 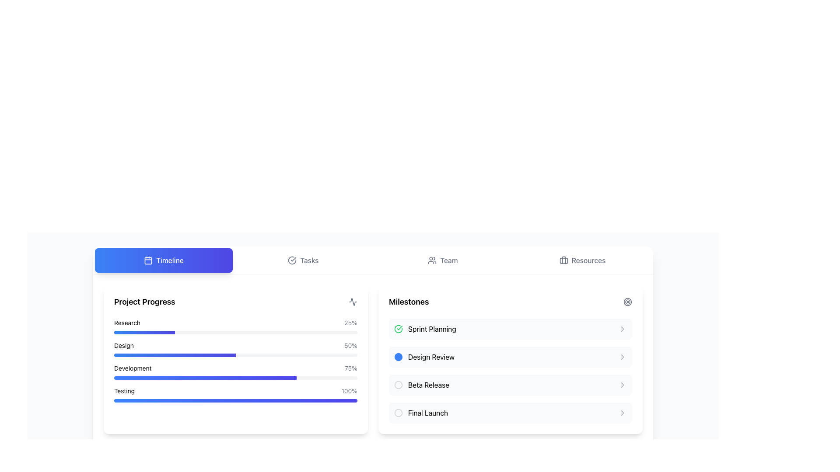 What do you see at coordinates (175, 355) in the screenshot?
I see `the progress indicator bar representing the 'Design' task, which shows 50% completion, located in the middle section of the 'Project Progress' card` at bounding box center [175, 355].